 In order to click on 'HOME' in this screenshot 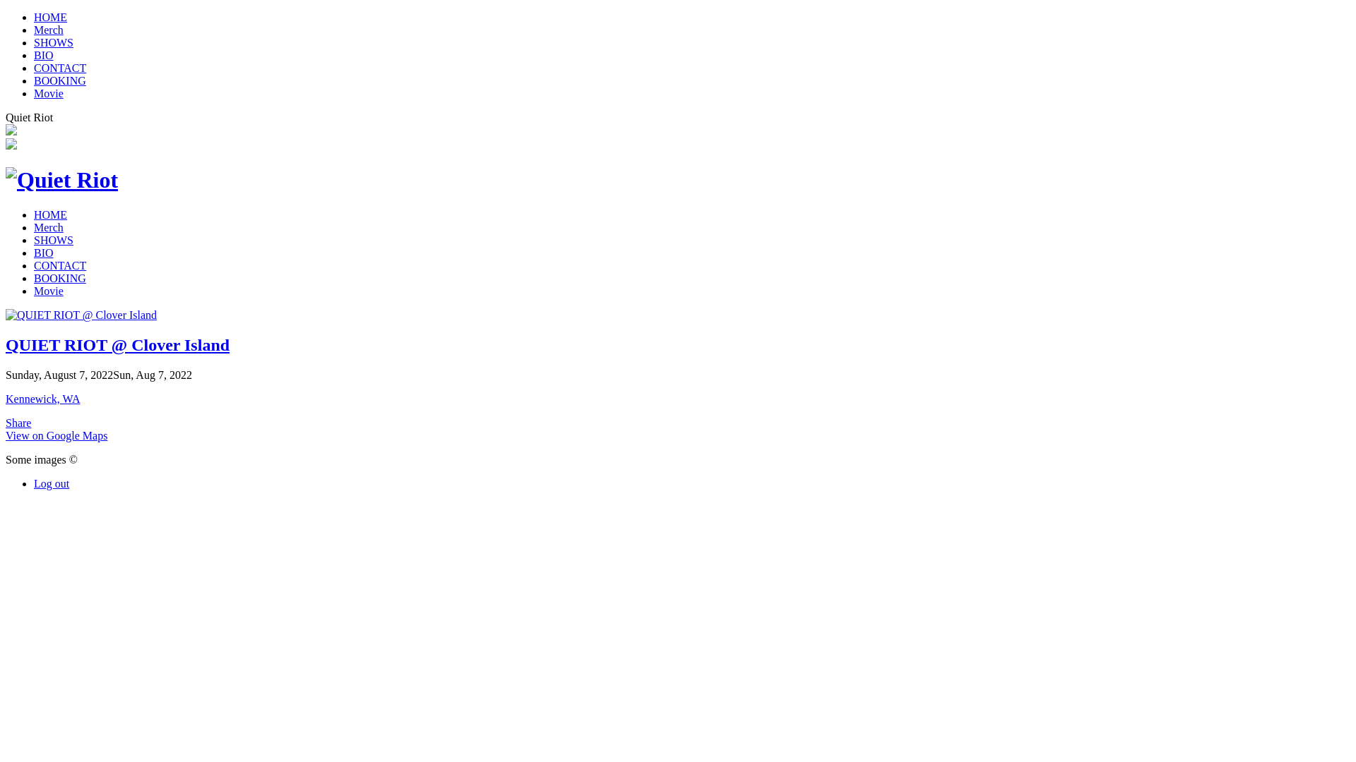, I will do `click(50, 17)`.